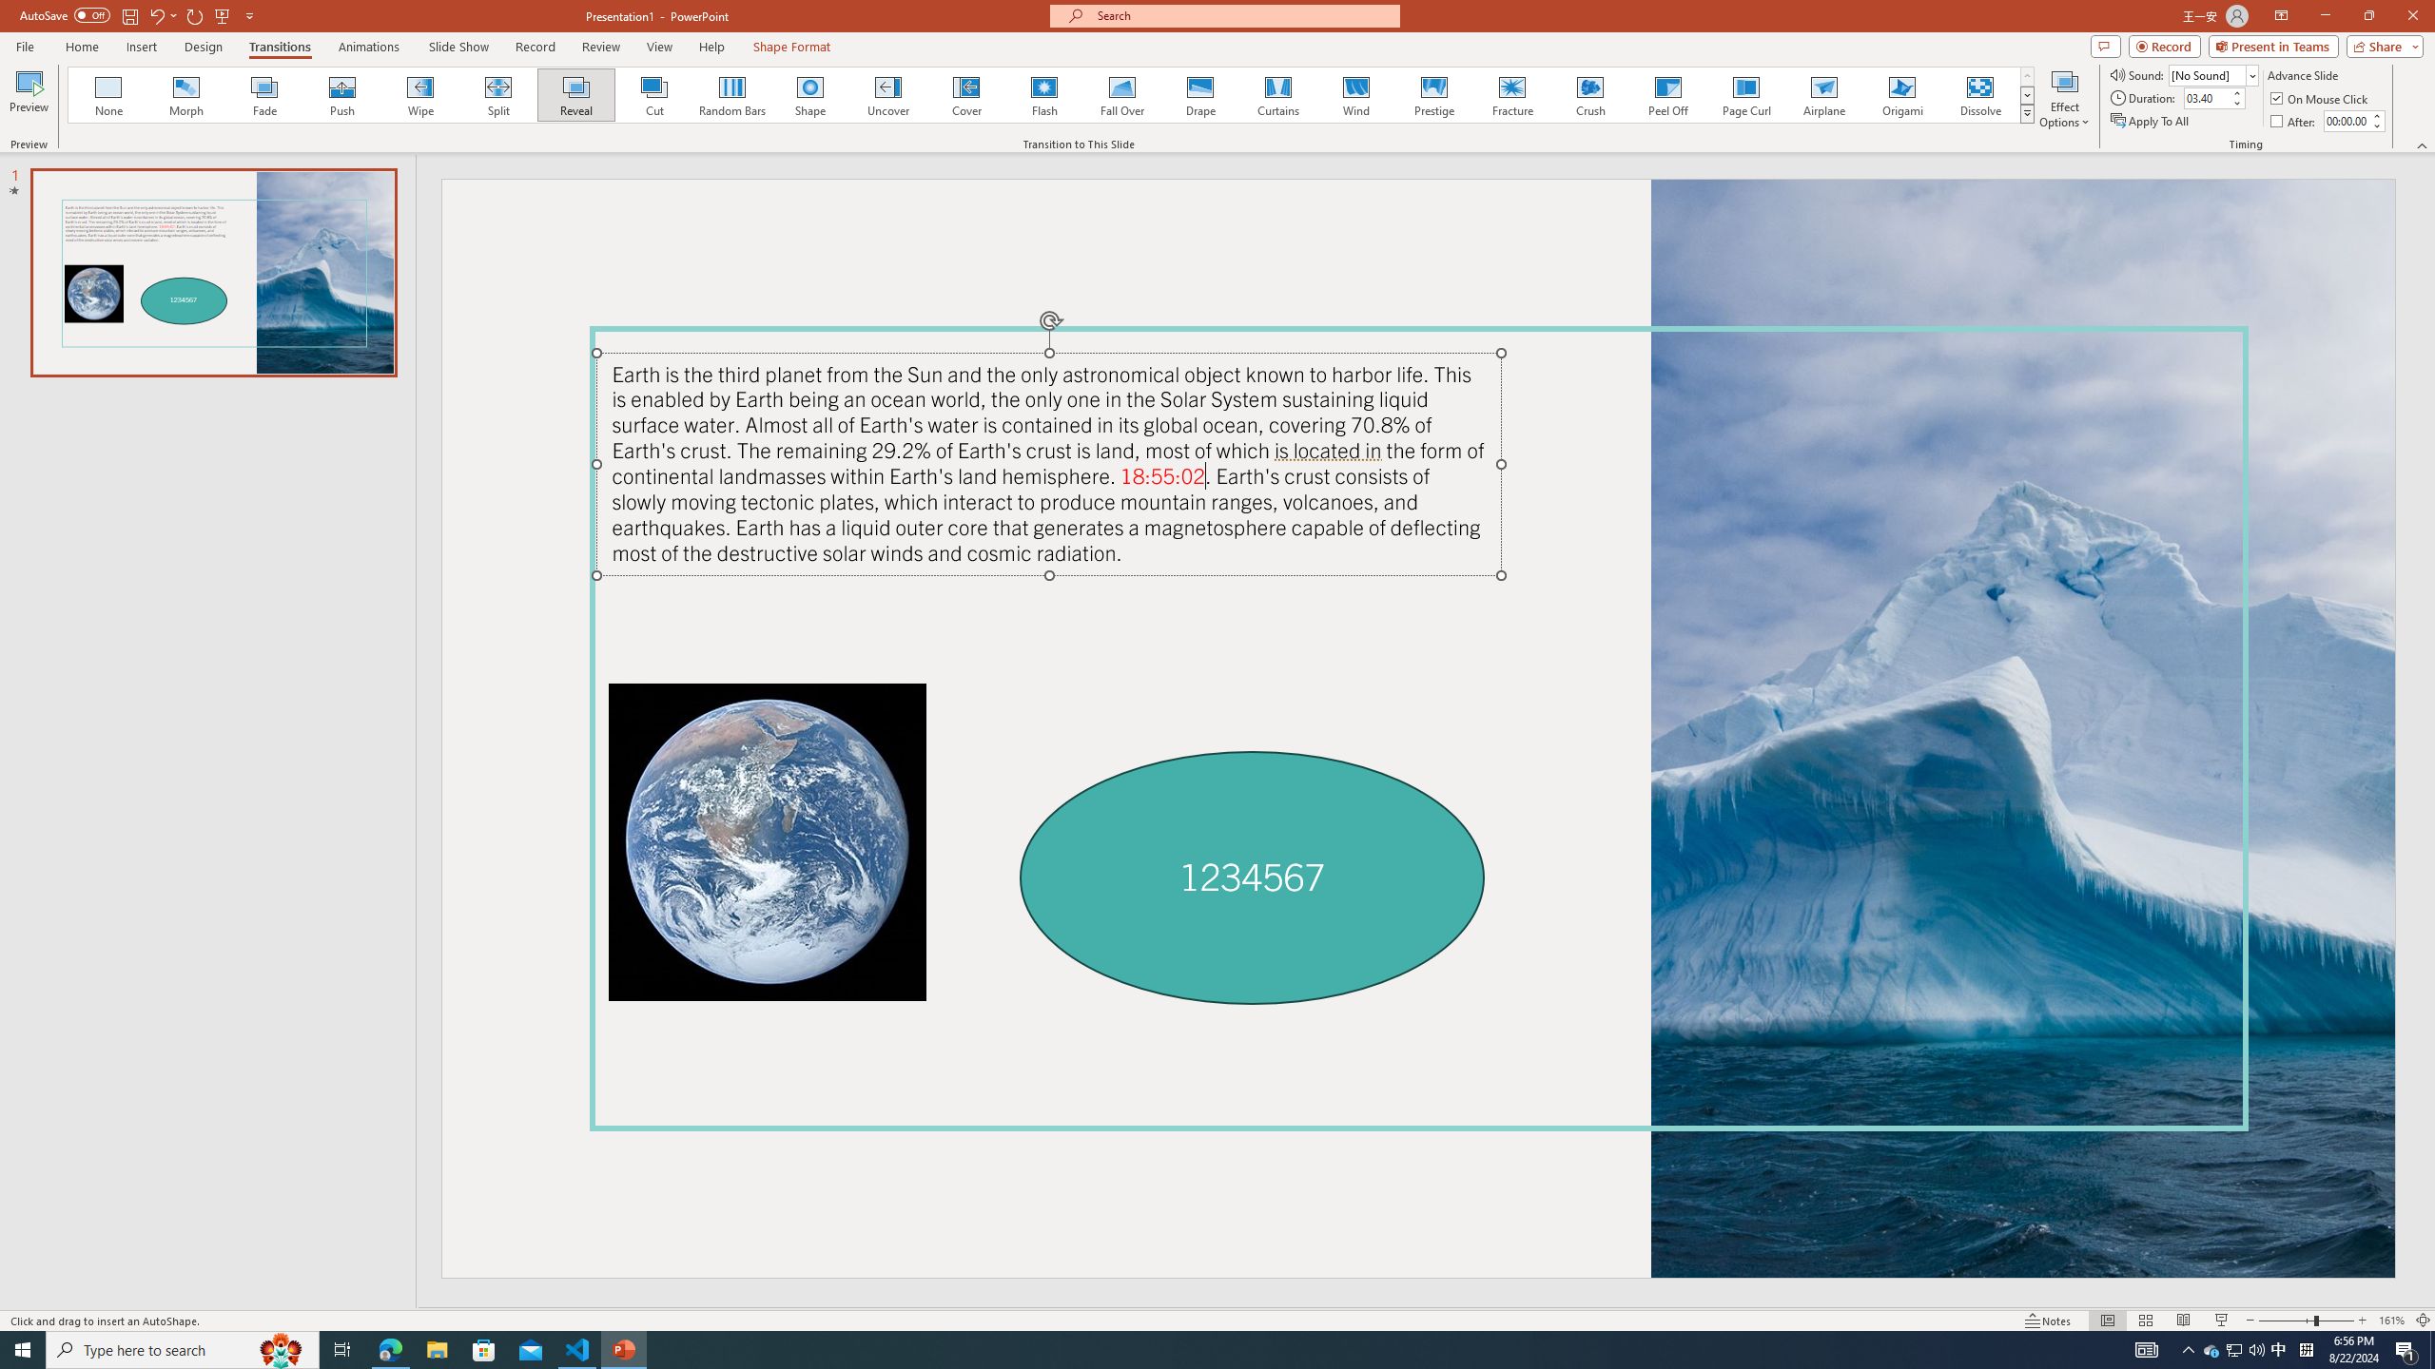  I want to click on 'None', so click(108, 94).